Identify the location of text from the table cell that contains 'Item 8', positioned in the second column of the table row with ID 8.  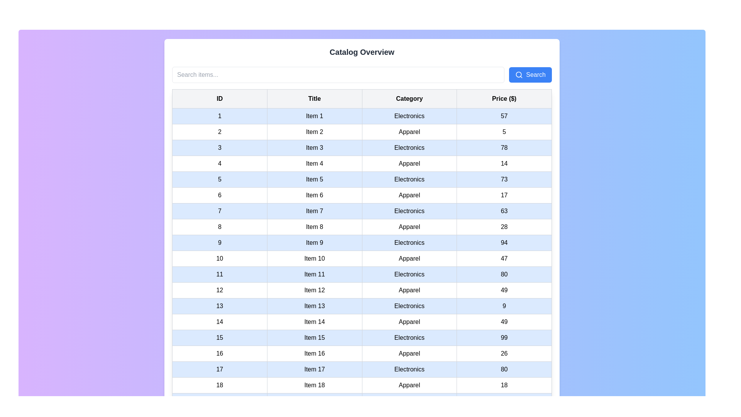
(315, 226).